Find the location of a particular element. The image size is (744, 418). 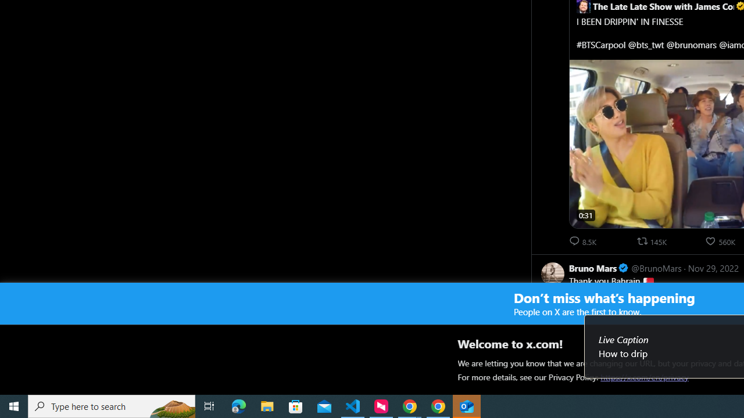

'Nov 29, 2022' is located at coordinates (712, 268).